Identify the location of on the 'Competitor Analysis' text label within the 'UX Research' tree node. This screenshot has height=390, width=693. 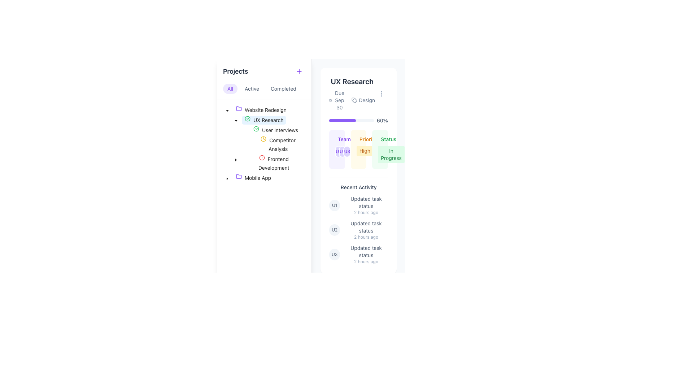
(282, 144).